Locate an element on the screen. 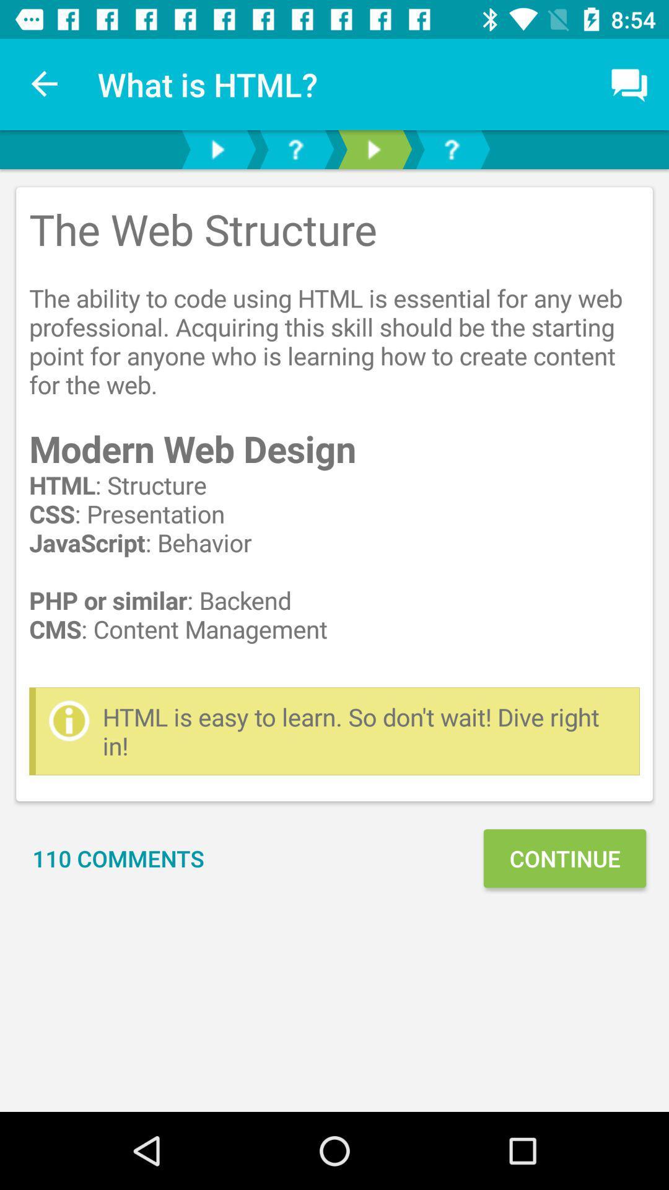  icon at the bottom right corner is located at coordinates (564, 858).